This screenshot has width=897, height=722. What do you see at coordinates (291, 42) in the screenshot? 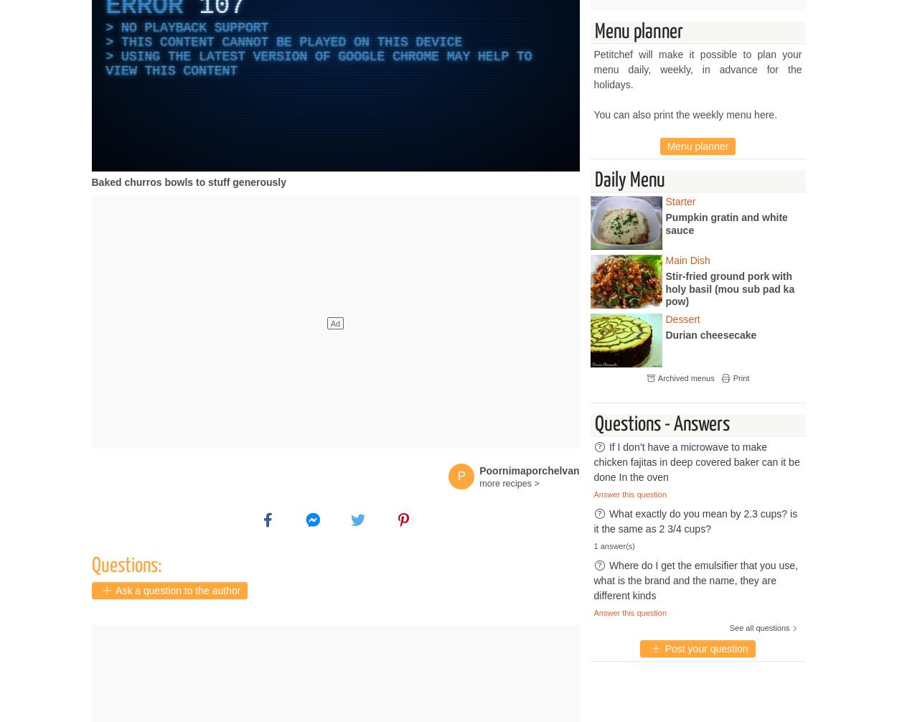
I see `'This content cannot be played on this device'` at bounding box center [291, 42].